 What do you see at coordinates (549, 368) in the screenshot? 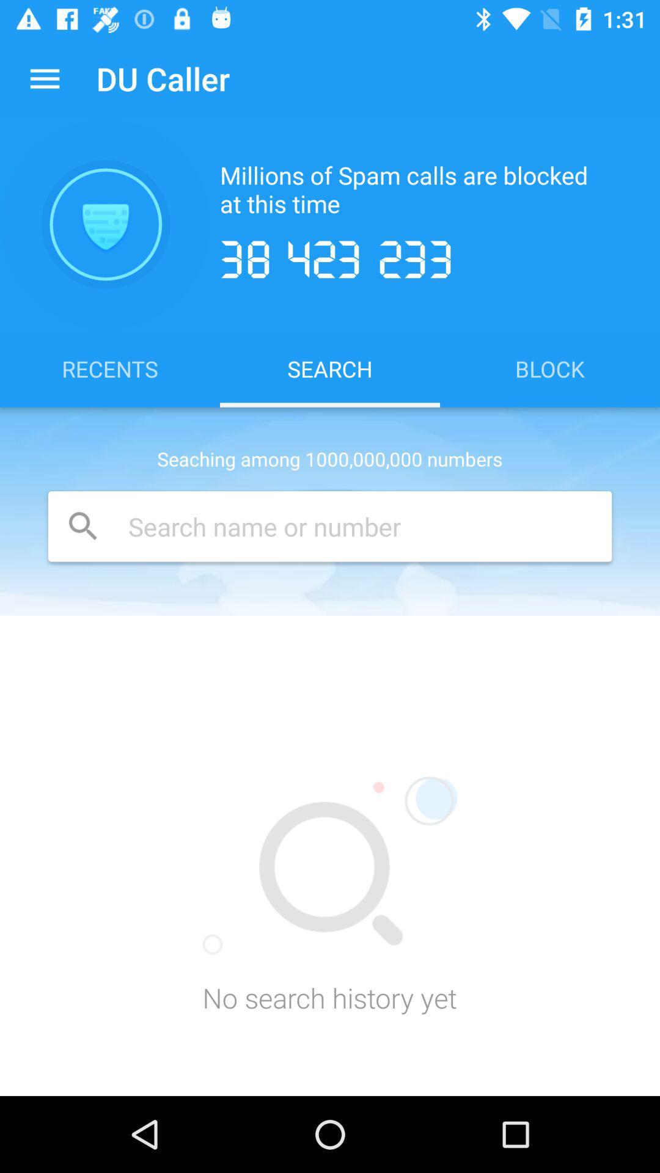
I see `block icon` at bounding box center [549, 368].